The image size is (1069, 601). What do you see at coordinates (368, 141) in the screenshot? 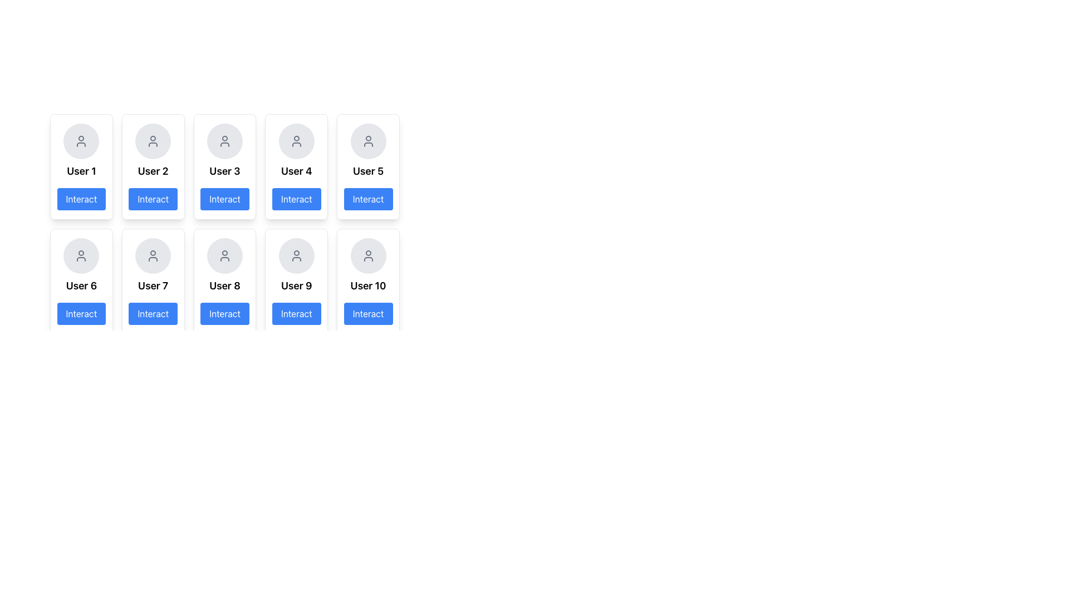
I see `the user avatar icon, which is a gray circular silhouette of a head and shoulders located in the fifth card of the top row of a grid of user profiles` at bounding box center [368, 141].